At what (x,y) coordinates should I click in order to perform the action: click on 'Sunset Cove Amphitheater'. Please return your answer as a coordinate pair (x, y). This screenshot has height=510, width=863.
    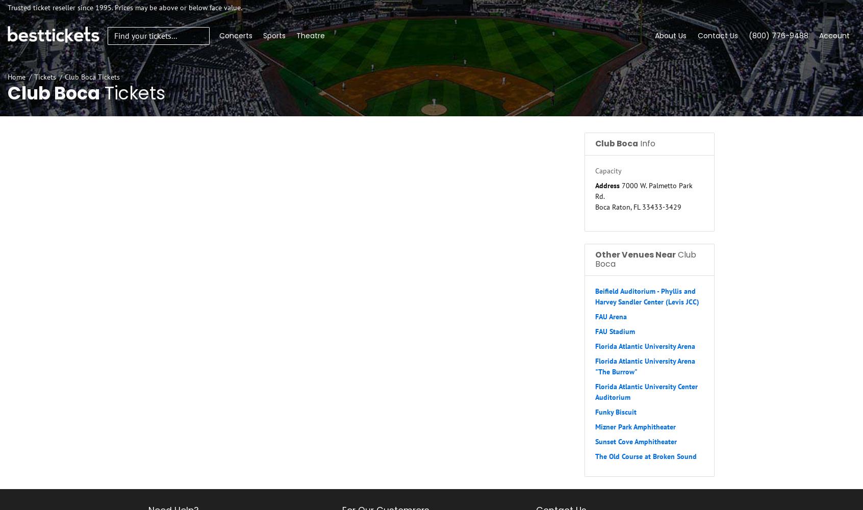
    Looking at the image, I should click on (594, 441).